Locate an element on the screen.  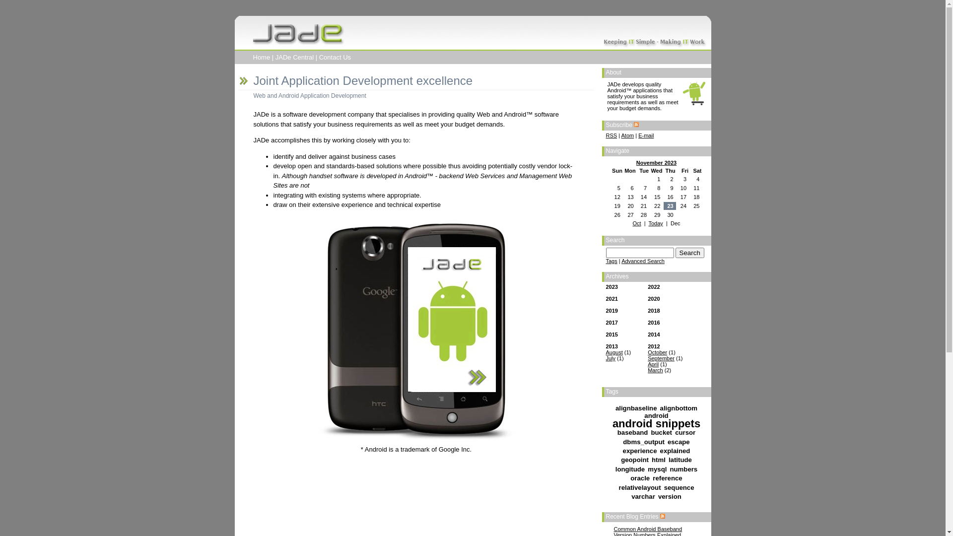
'android' is located at coordinates (656, 415).